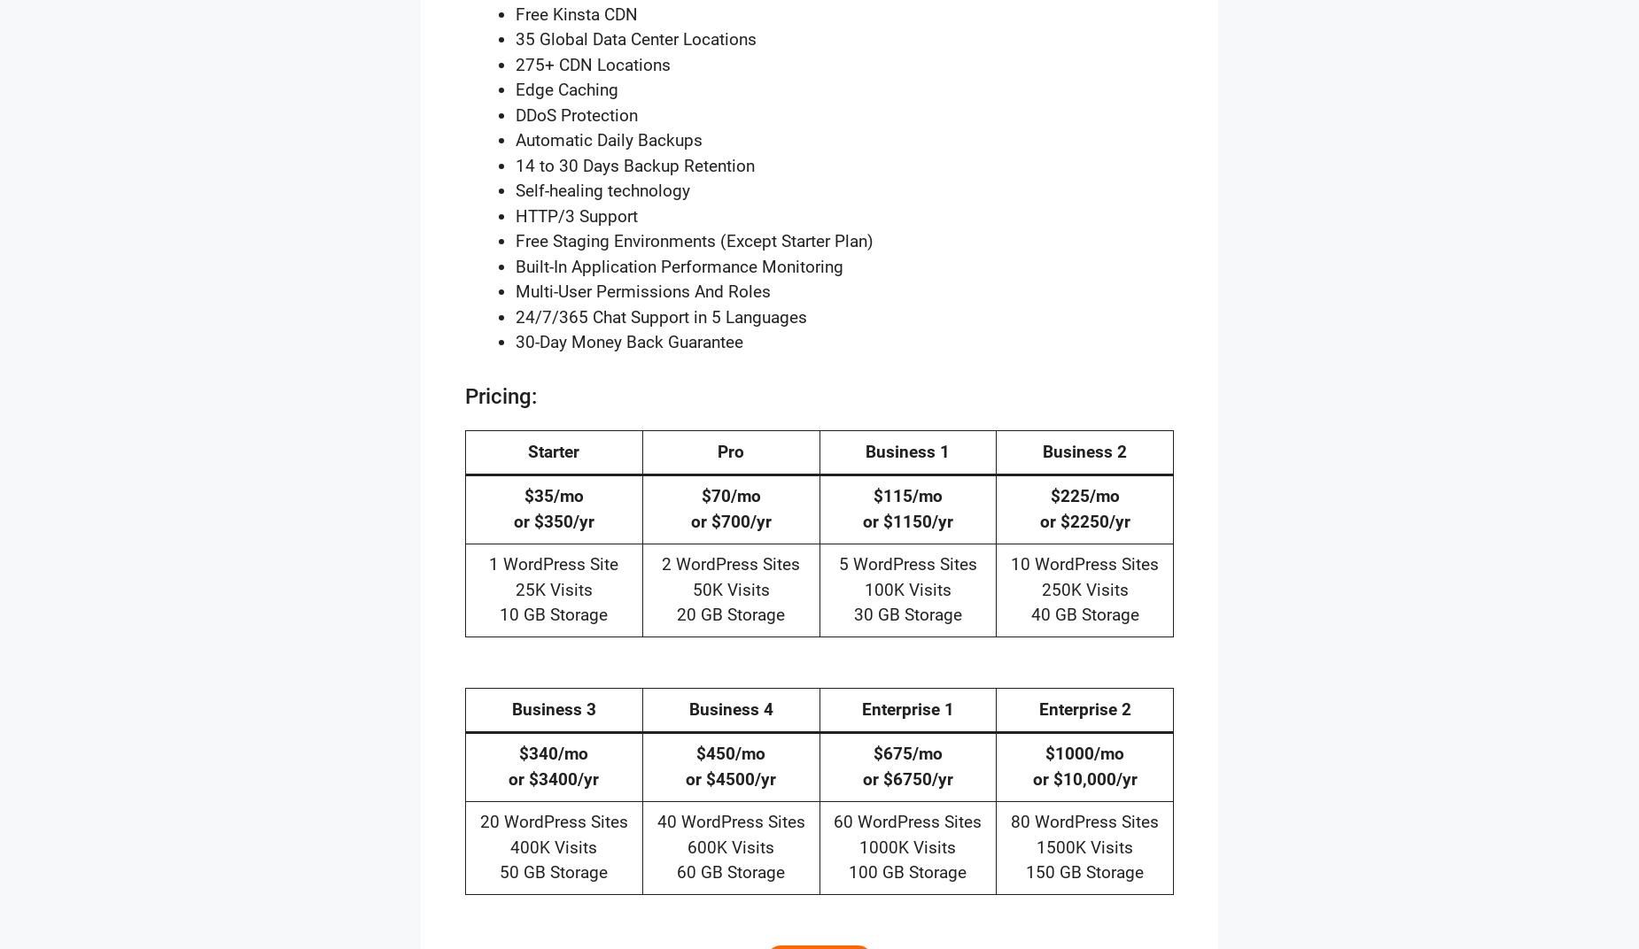 The image size is (1639, 949). Describe the element at coordinates (859, 708) in the screenshot. I see `'Enterprise 1'` at that location.